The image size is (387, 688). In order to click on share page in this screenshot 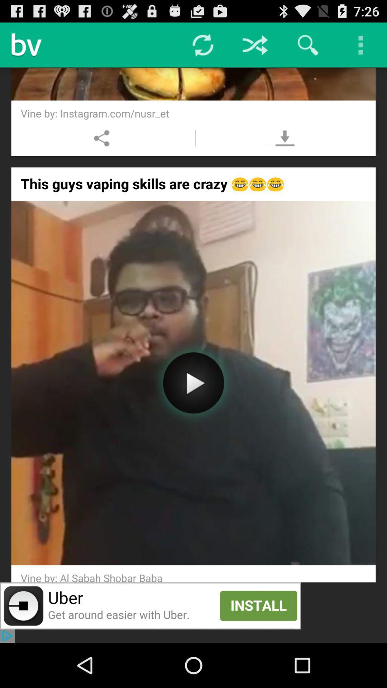, I will do `click(102, 138)`.